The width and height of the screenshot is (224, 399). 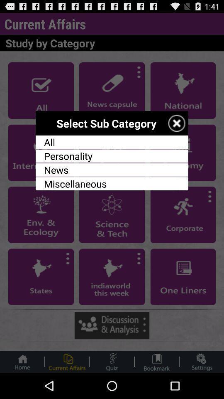 I want to click on icon next to select sub category icon, so click(x=176, y=123).